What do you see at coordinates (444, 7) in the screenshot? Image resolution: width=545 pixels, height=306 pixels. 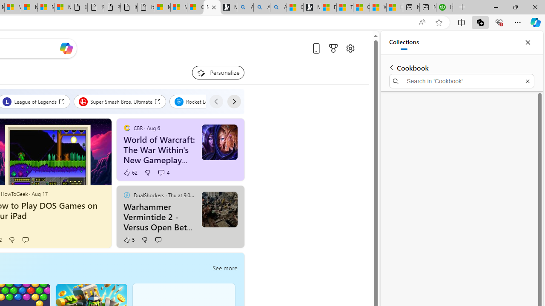 I see `'Intuit QuickBooks Online - Quickbooks'` at bounding box center [444, 7].